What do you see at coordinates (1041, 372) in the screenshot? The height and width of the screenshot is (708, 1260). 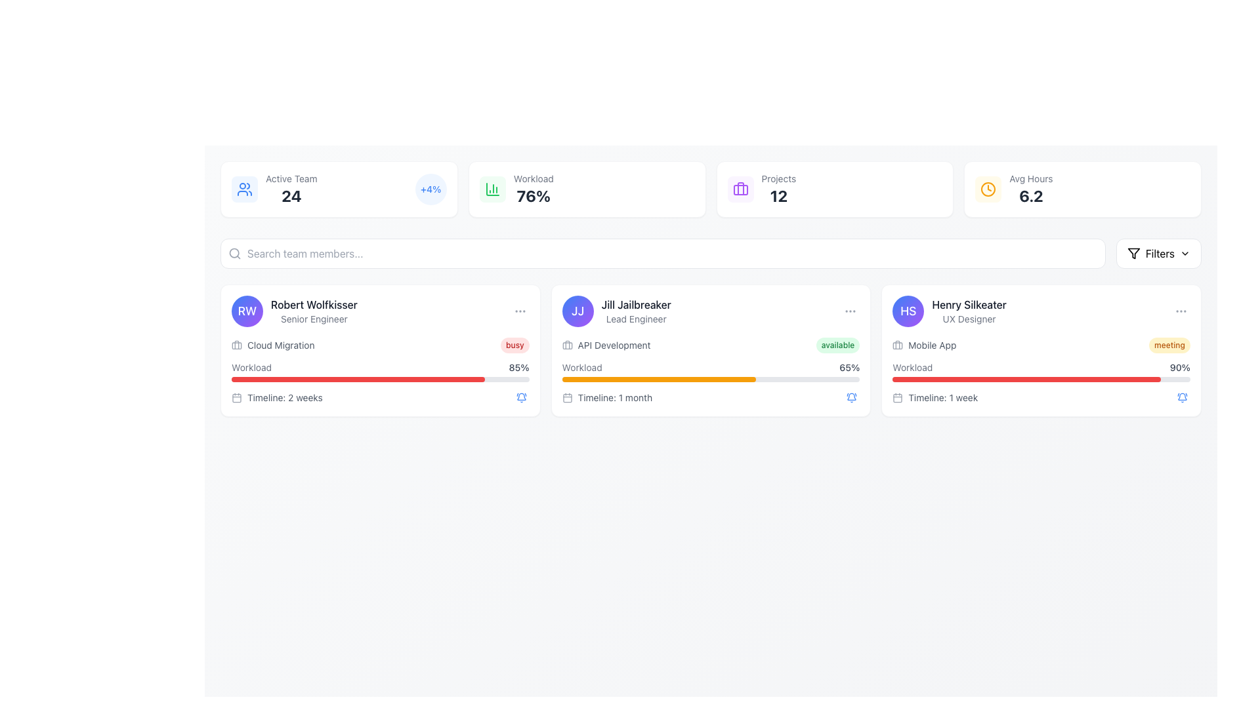 I see `the Progress bar indicating workload level for Henry Silkeater in the UX Designer section, located between the 'Mobile App' and 'Timeline: 1 week' labels` at bounding box center [1041, 372].